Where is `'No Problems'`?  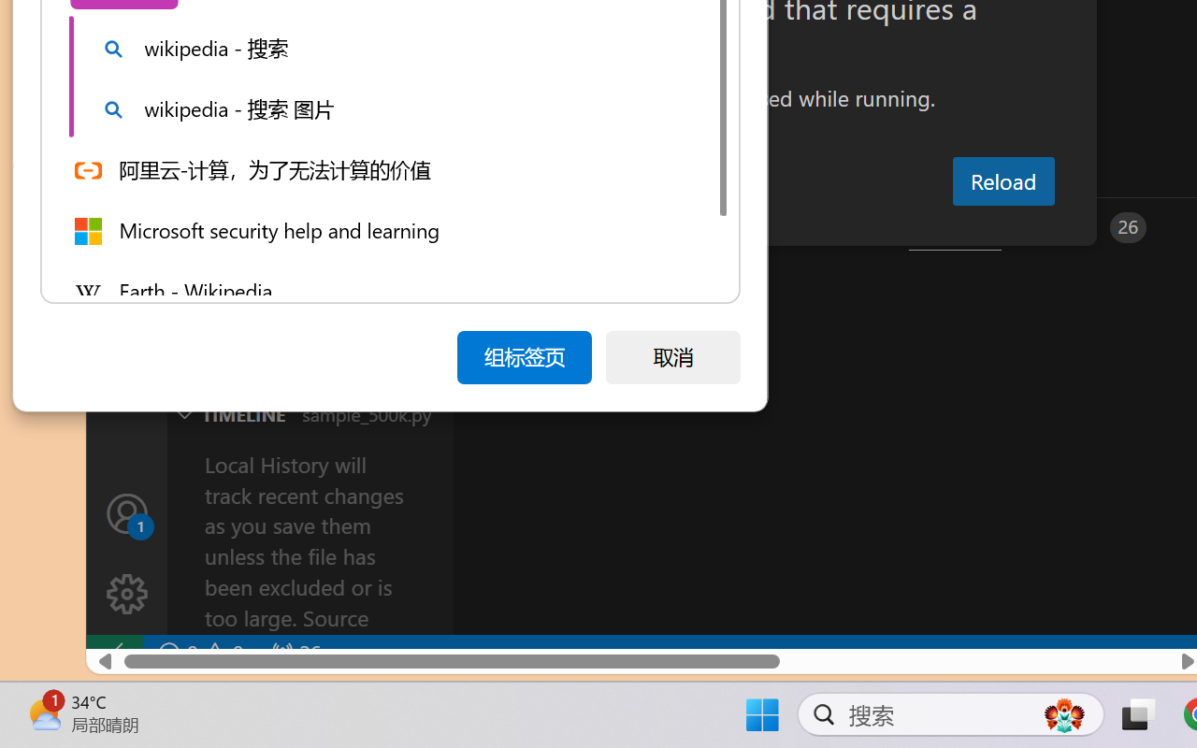
'No Problems' is located at coordinates (199, 653).